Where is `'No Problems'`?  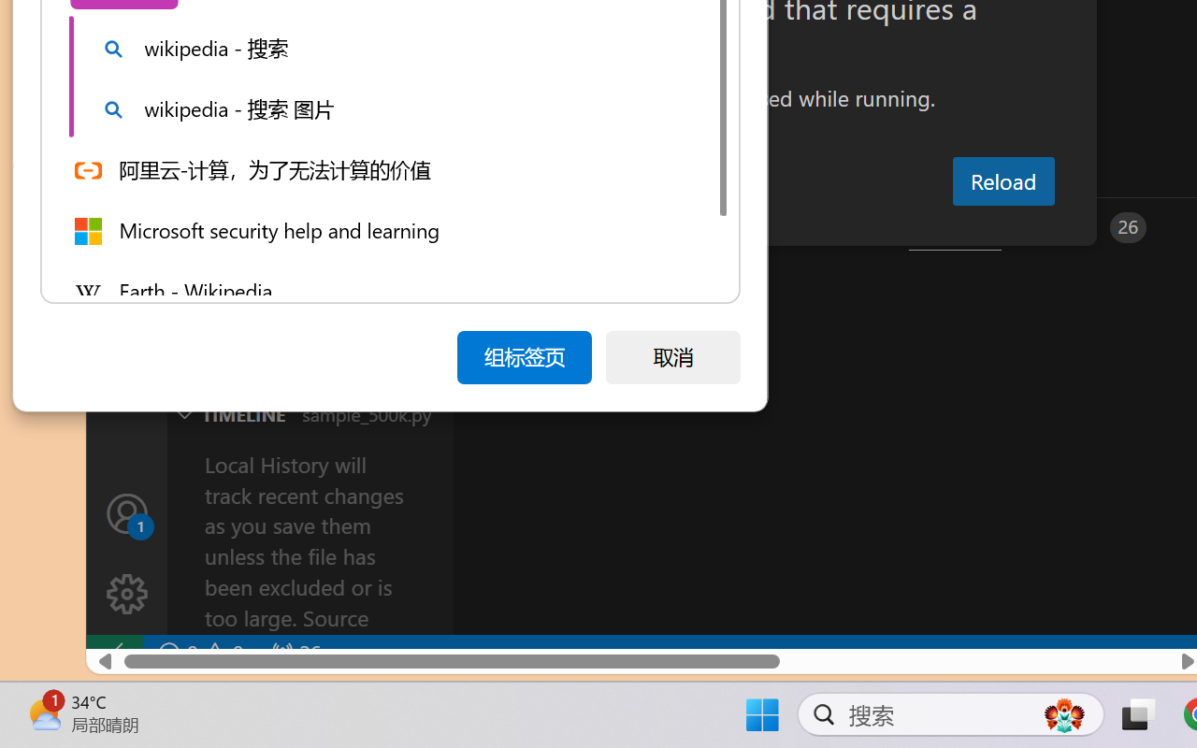
'No Problems' is located at coordinates (199, 653).